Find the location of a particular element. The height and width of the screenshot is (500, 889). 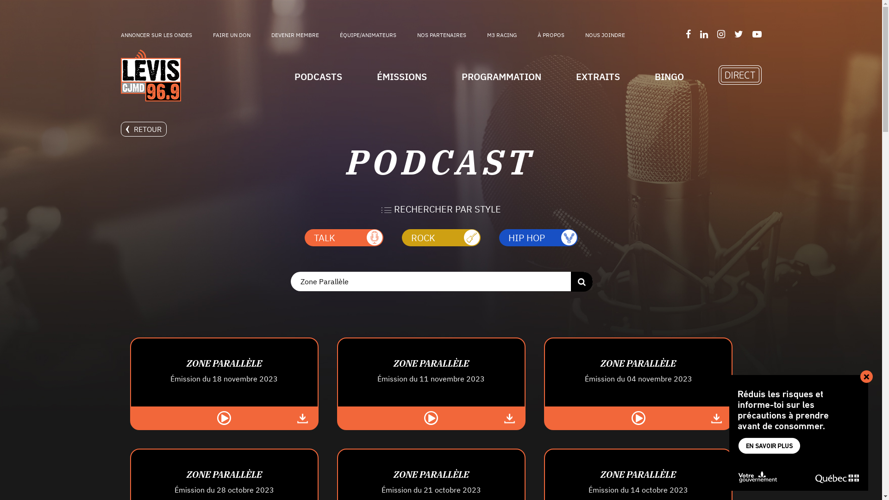

'NOUS JOINDRE' is located at coordinates (605, 34).